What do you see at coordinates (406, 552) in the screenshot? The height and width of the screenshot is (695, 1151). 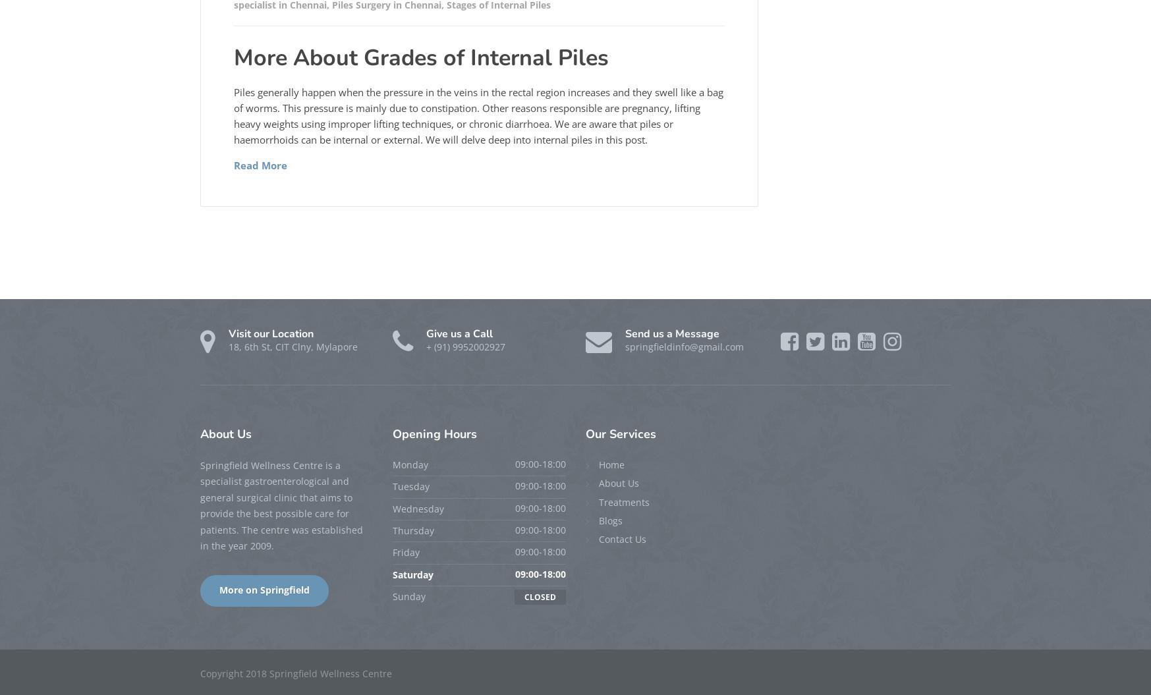 I see `'Friday'` at bounding box center [406, 552].